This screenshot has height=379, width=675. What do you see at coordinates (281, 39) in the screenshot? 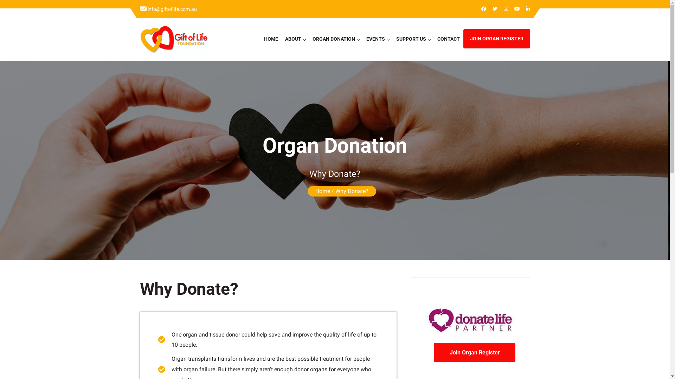
I see `'ABOUT'` at bounding box center [281, 39].